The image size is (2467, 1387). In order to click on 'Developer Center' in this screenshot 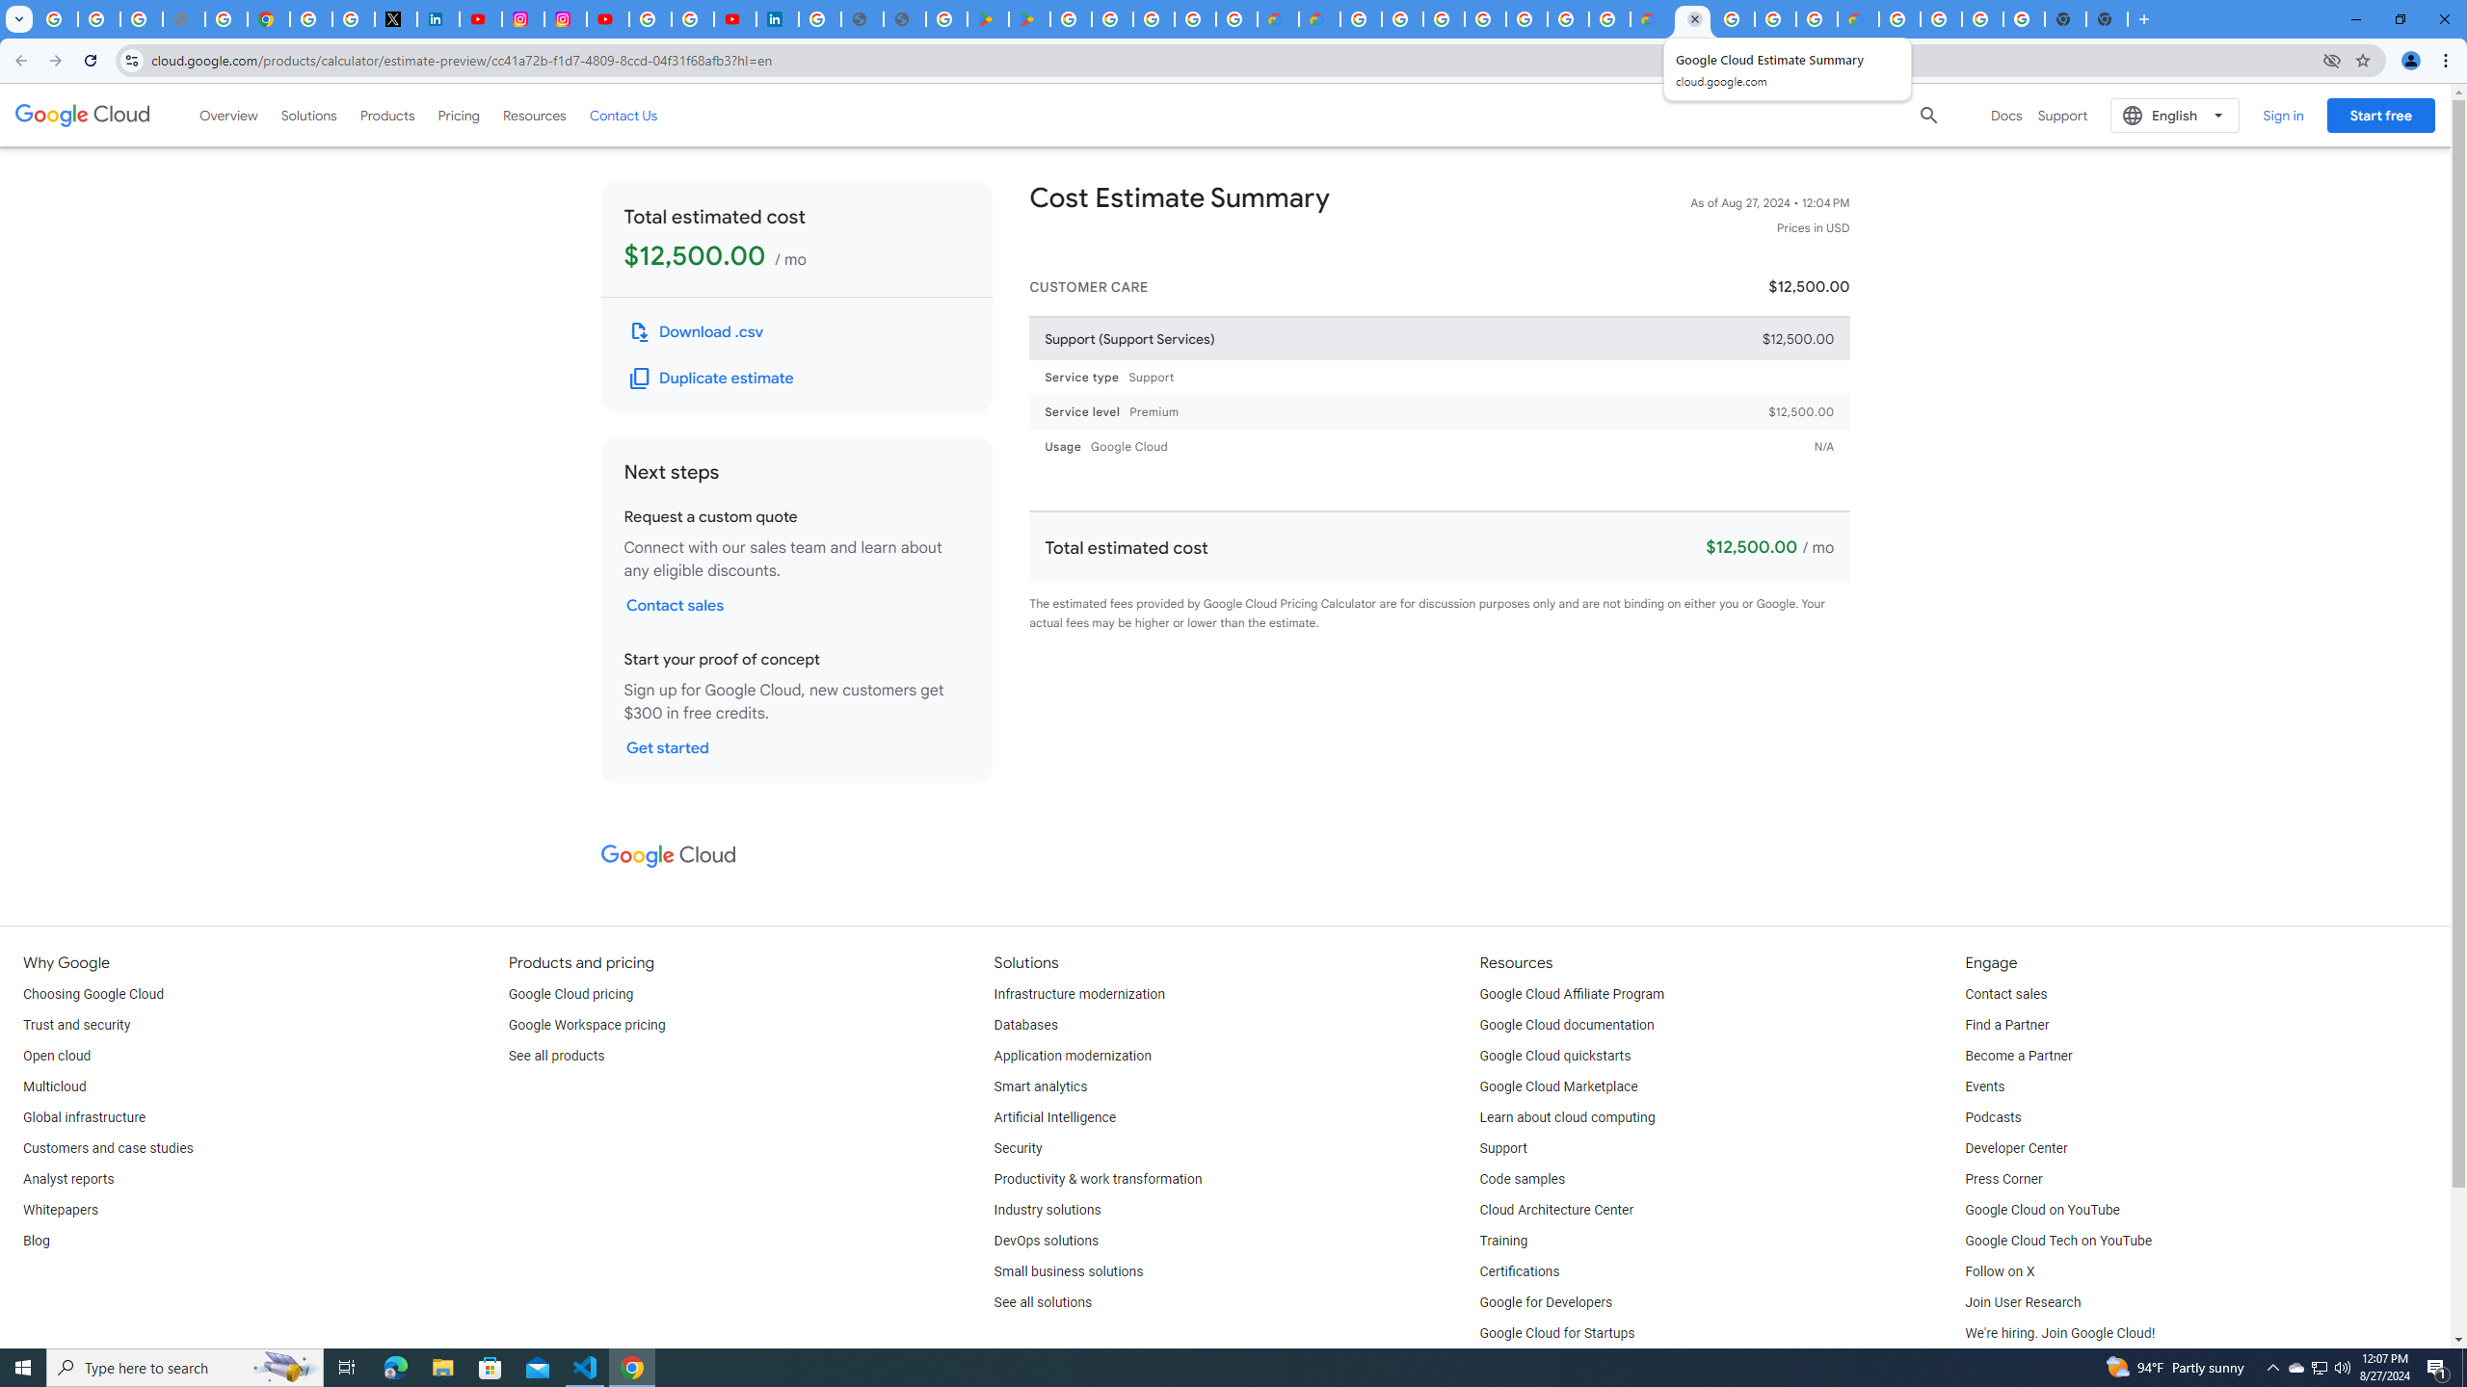, I will do `click(2015, 1148)`.